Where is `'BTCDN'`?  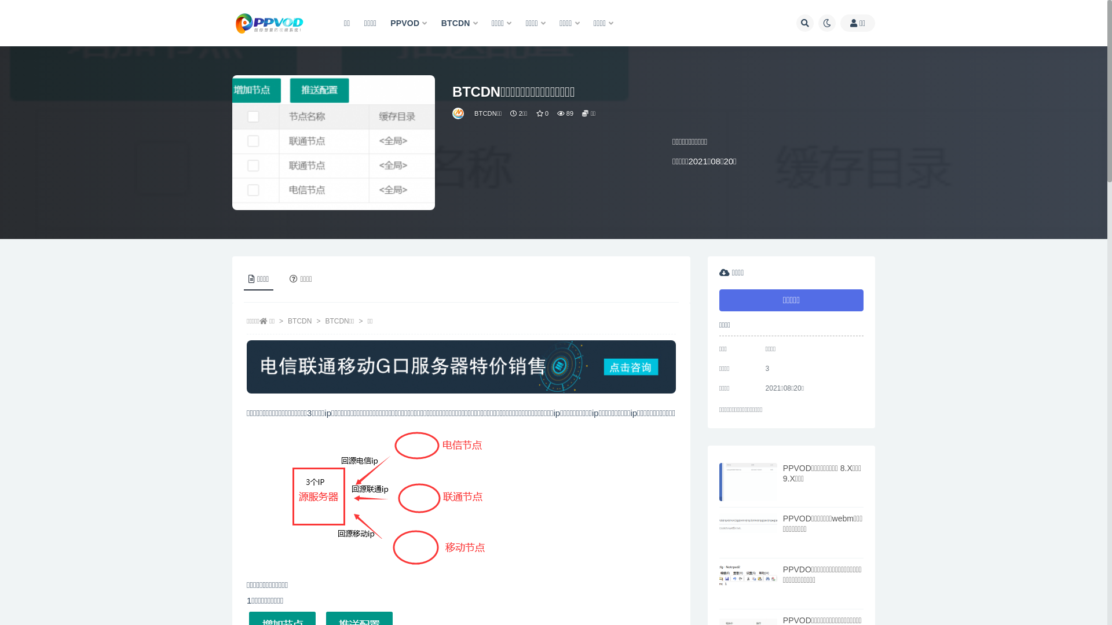
'BTCDN' is located at coordinates (459, 23).